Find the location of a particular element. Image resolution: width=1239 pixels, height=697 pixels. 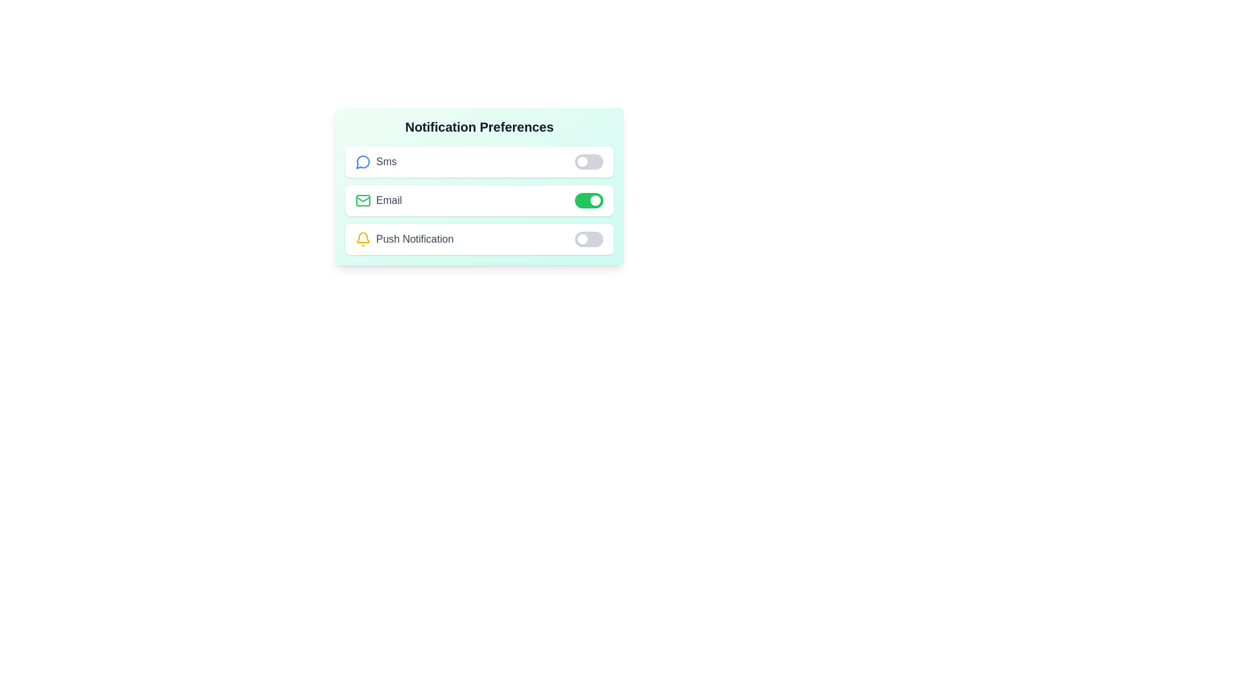

the email notification icon in the notification preferences list, which is the second item between the SMS and Push Notification options is located at coordinates (378, 201).